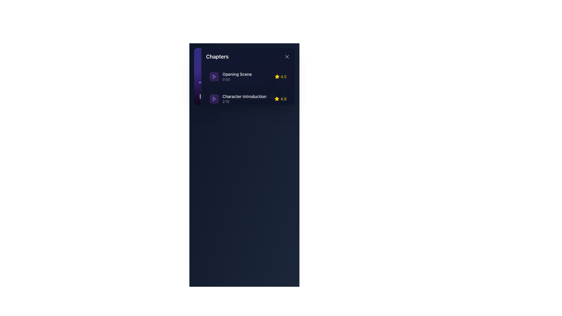  Describe the element at coordinates (244, 96) in the screenshot. I see `the interactive chapter selector for 'Character Introduction'` at that location.